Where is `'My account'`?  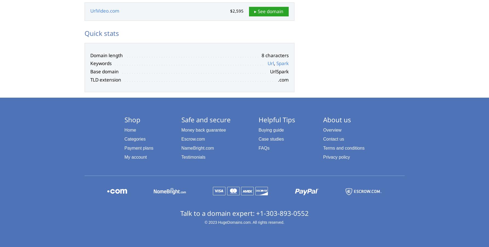 'My account' is located at coordinates (124, 156).